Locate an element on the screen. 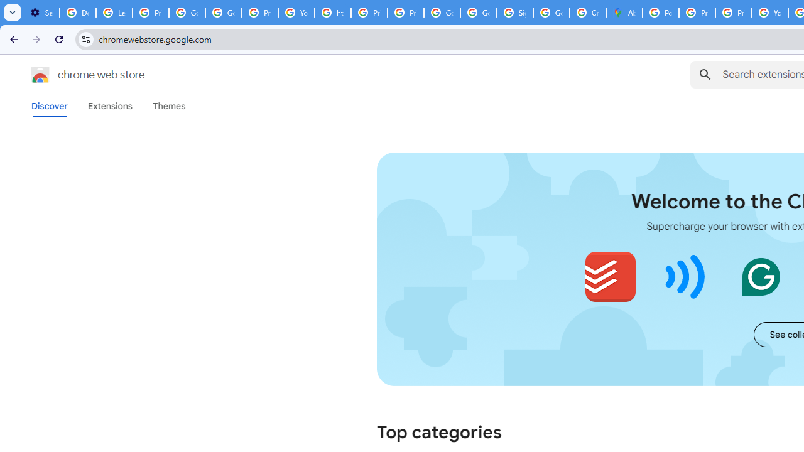  'Volume Master' is located at coordinates (685, 276).